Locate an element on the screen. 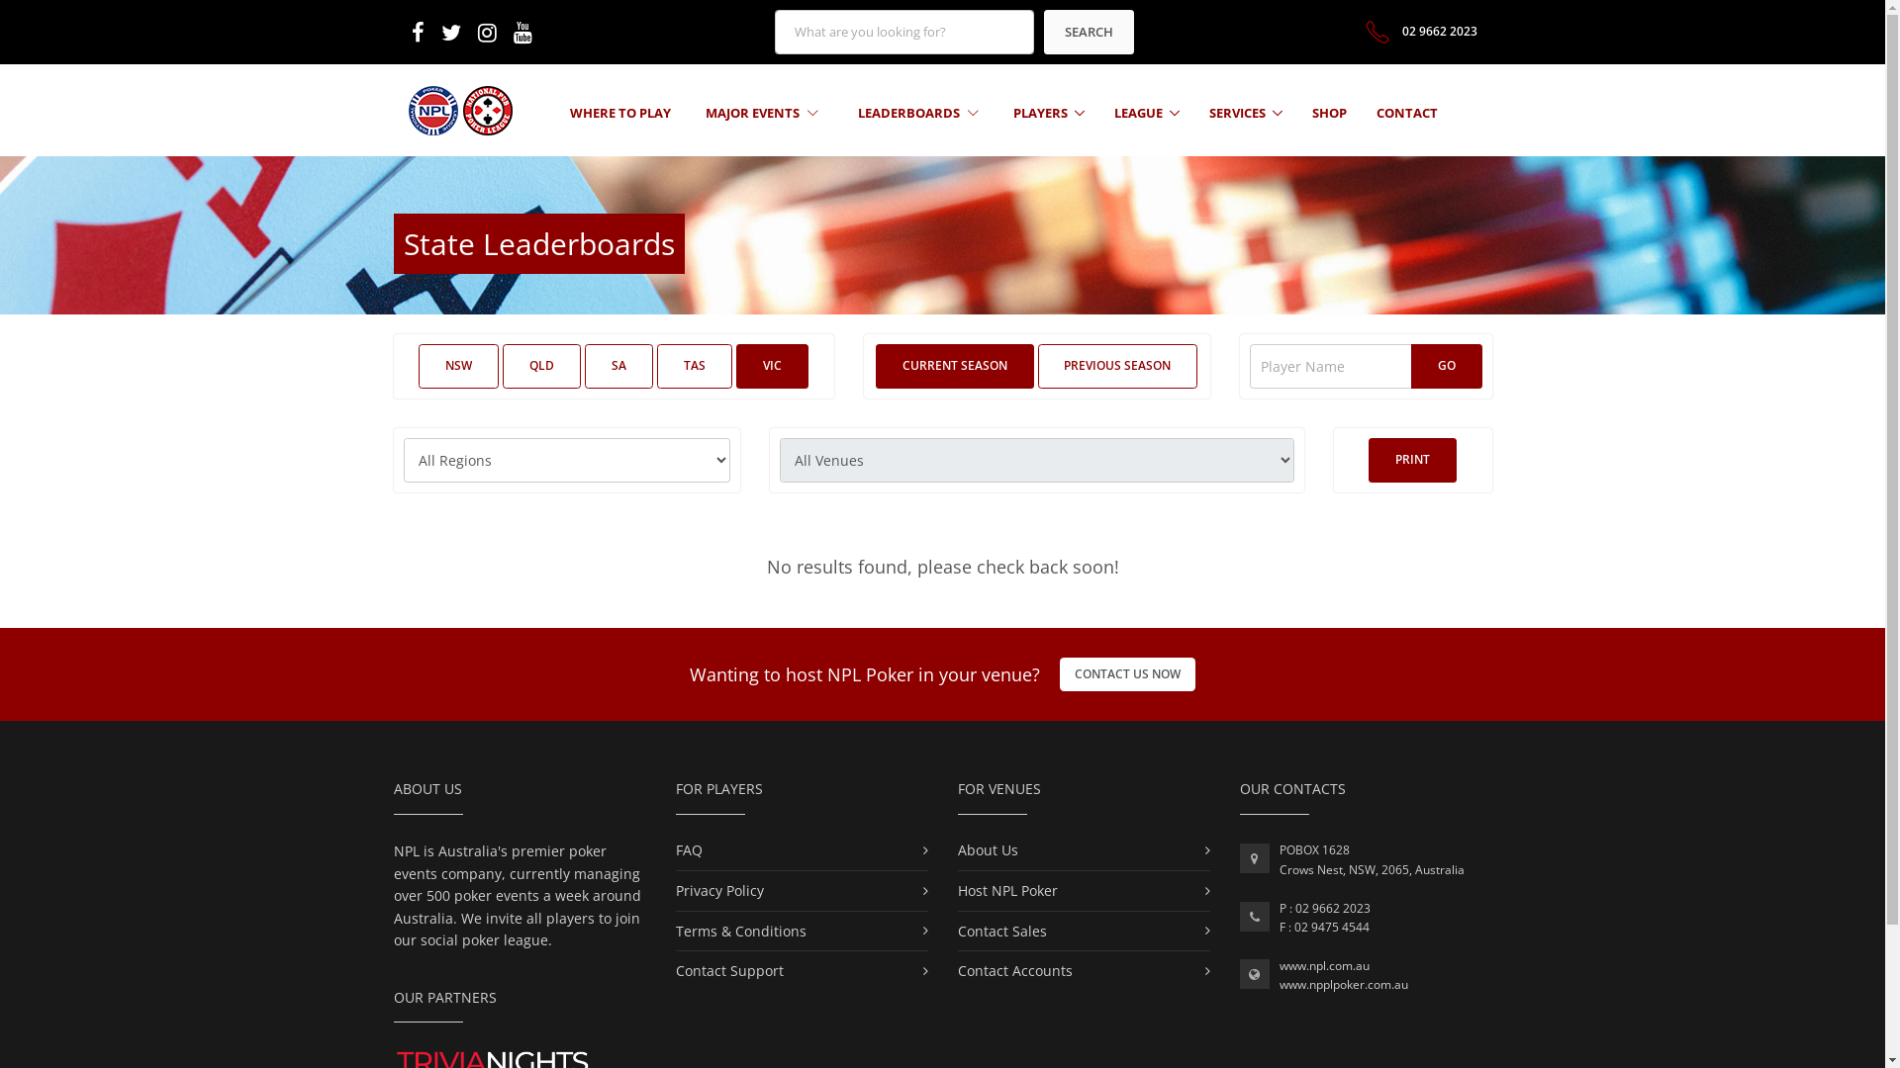 The image size is (1900, 1068). 'Contact Accounts' is located at coordinates (1015, 969).